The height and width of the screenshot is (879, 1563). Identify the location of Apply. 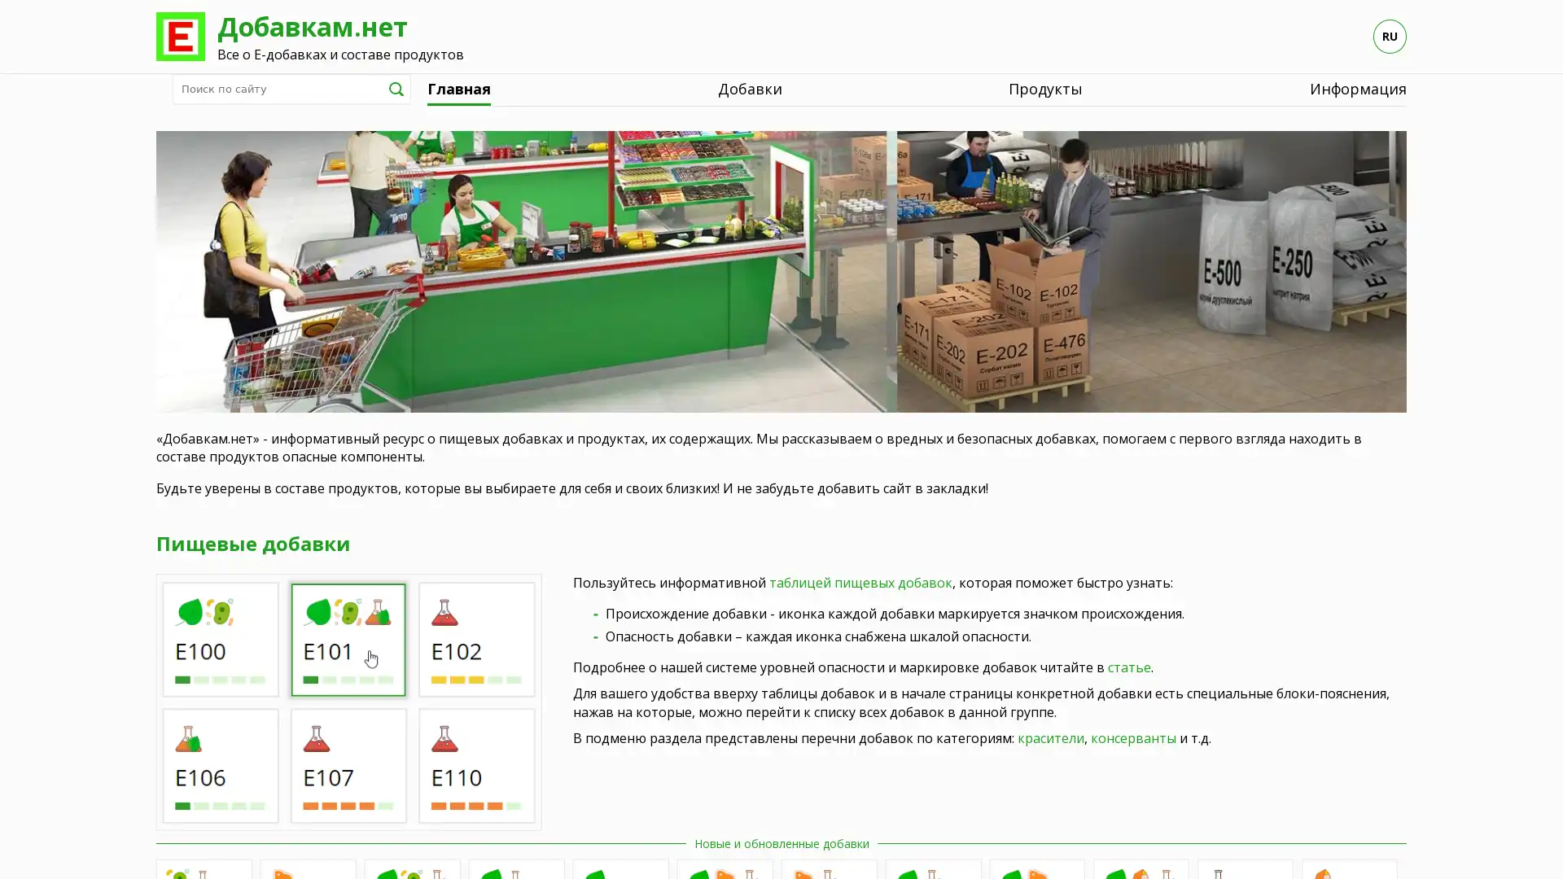
(396, 88).